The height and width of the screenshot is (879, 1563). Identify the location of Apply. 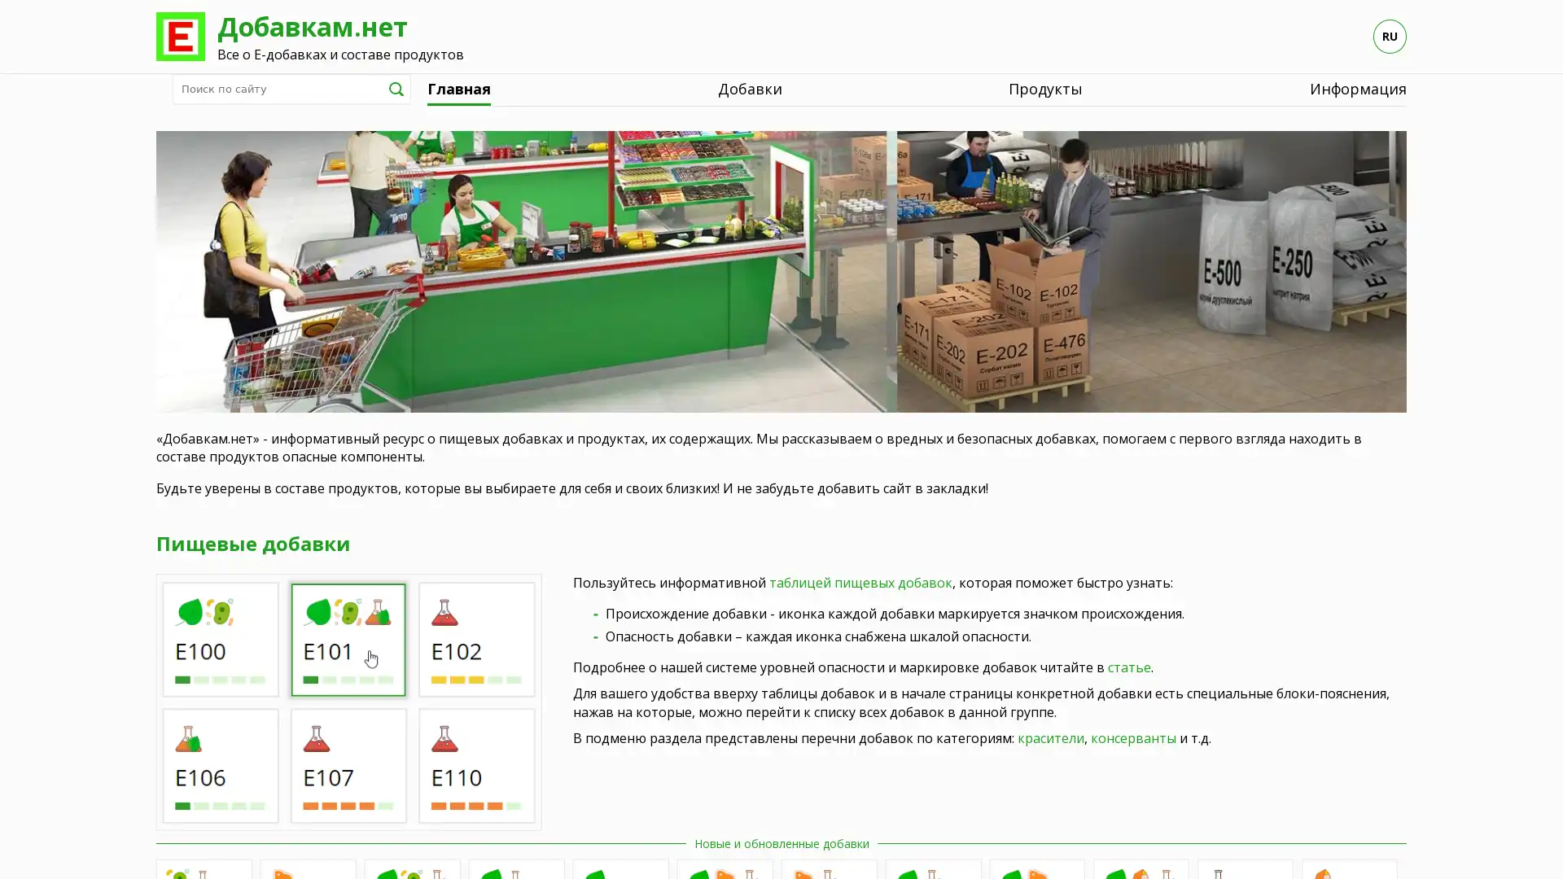
(396, 88).